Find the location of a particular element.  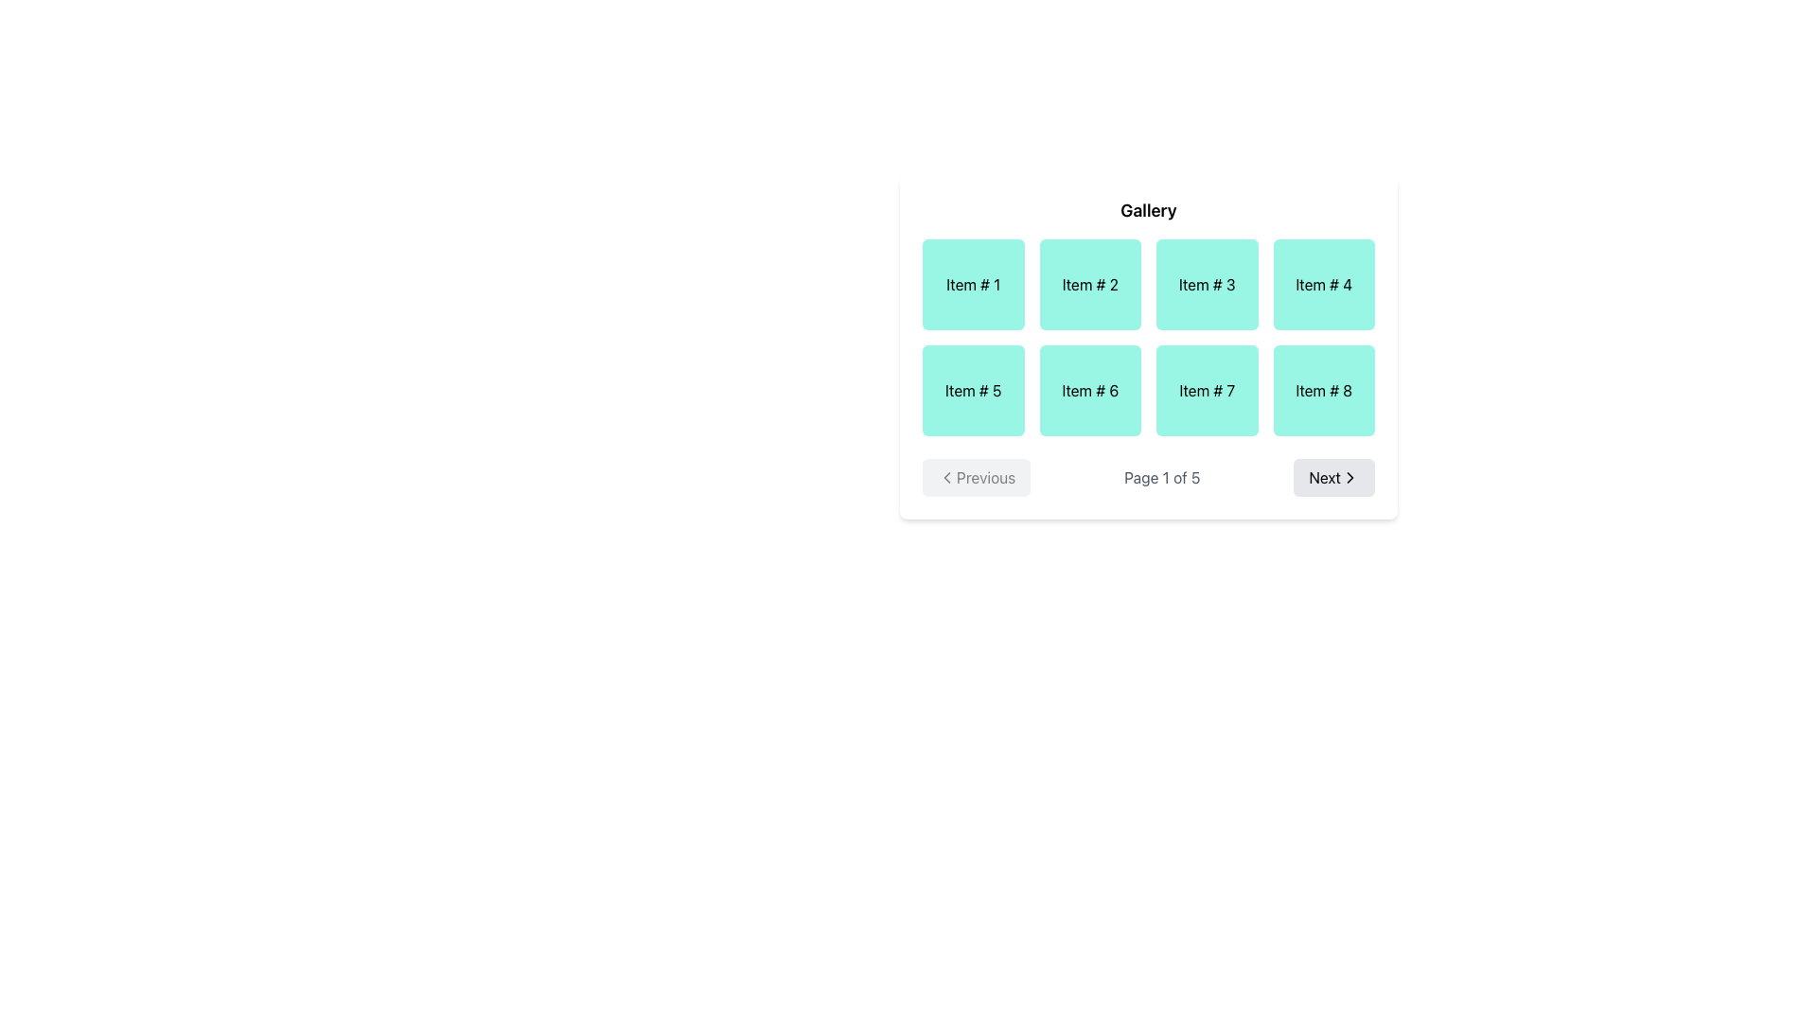

the Label displaying 'Item # 8' in the second row, fourth column of the grid layout, which has a dark font on a teal background is located at coordinates (1323, 389).